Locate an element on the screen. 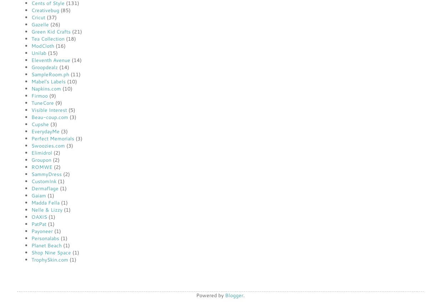  'Cricut' is located at coordinates (38, 17).